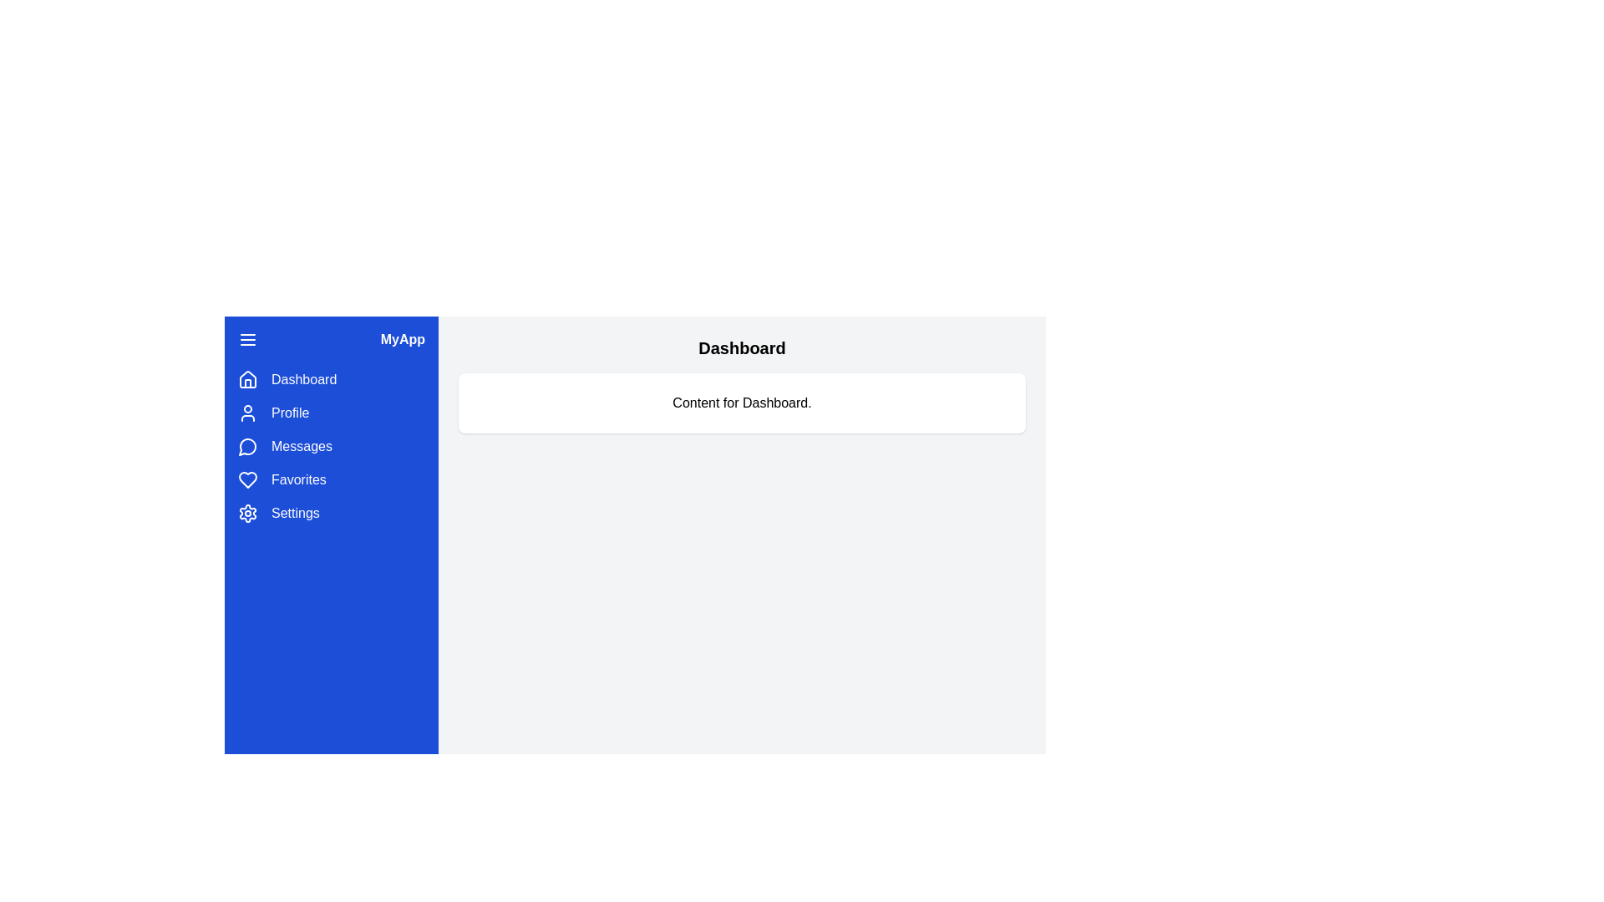 The image size is (1604, 902). Describe the element at coordinates (302, 446) in the screenshot. I see `the 'Messages' text label in the vertical navigation menu` at that location.